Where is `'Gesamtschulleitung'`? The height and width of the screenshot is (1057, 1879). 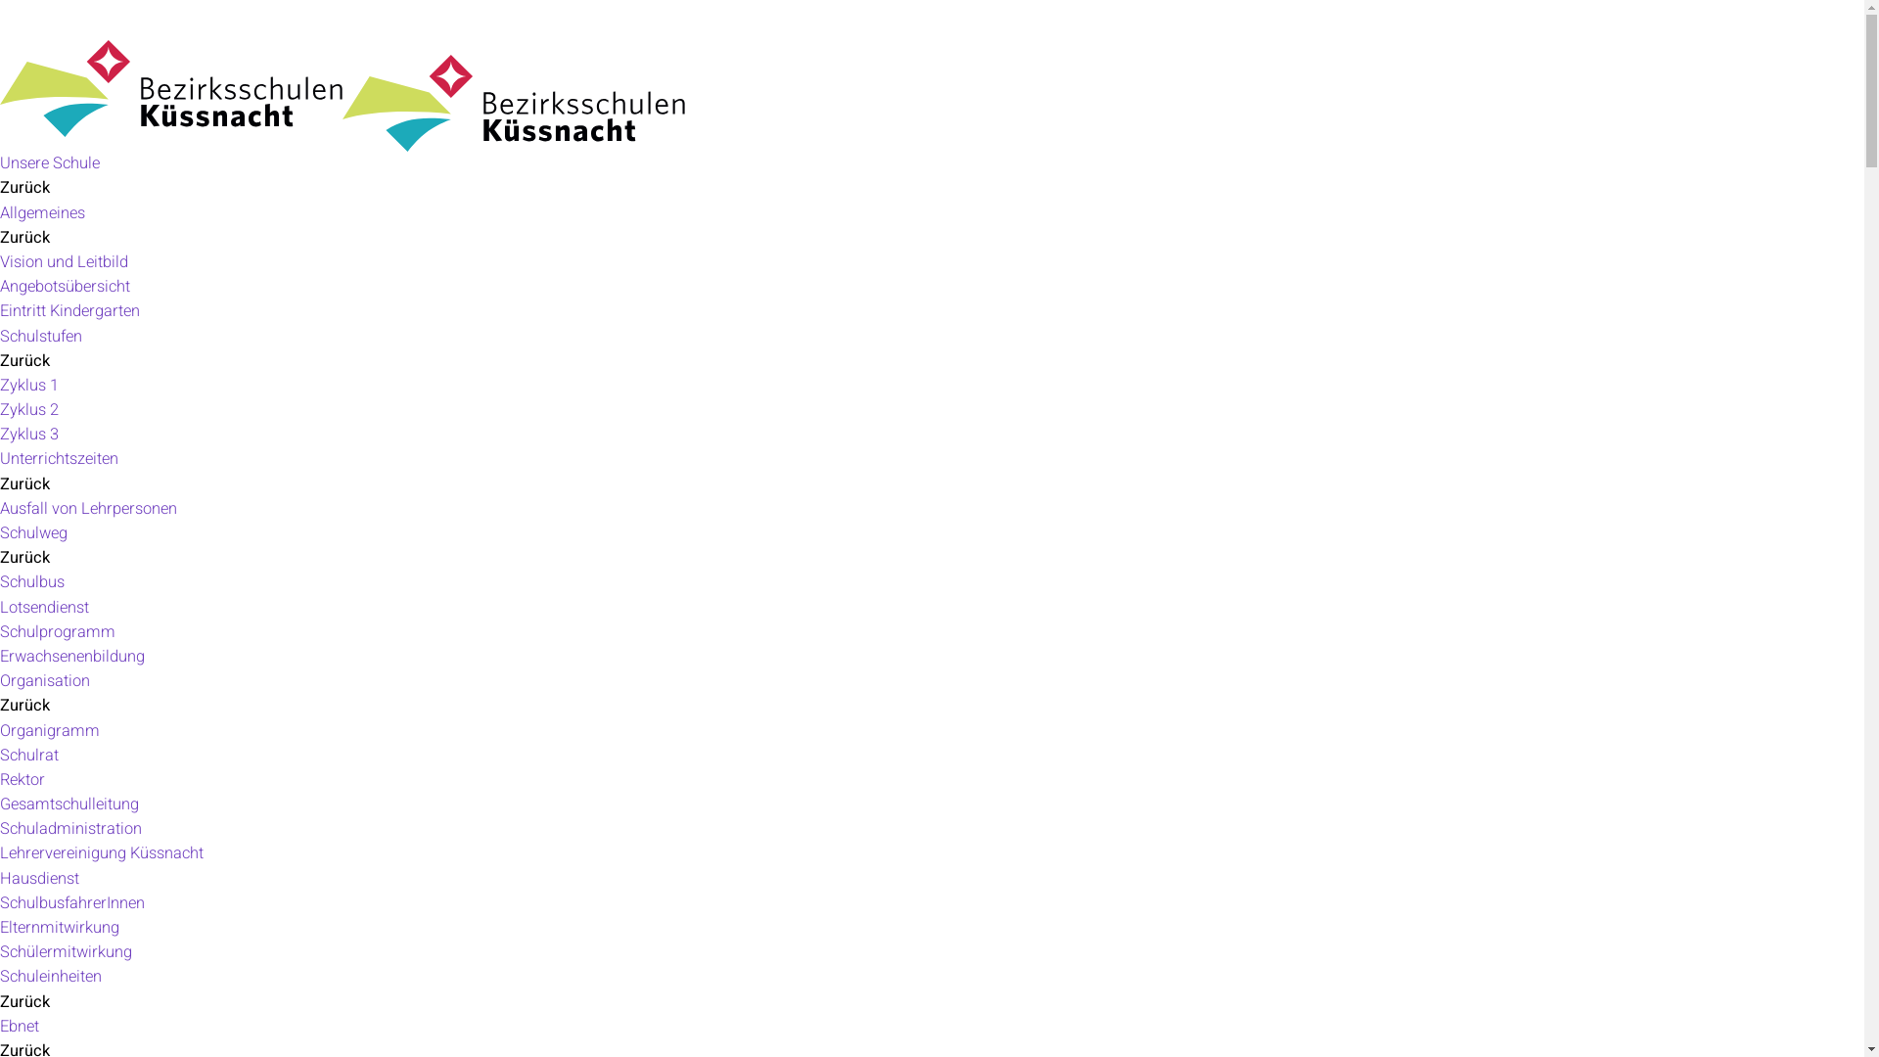
'Gesamtschulleitung' is located at coordinates (69, 804).